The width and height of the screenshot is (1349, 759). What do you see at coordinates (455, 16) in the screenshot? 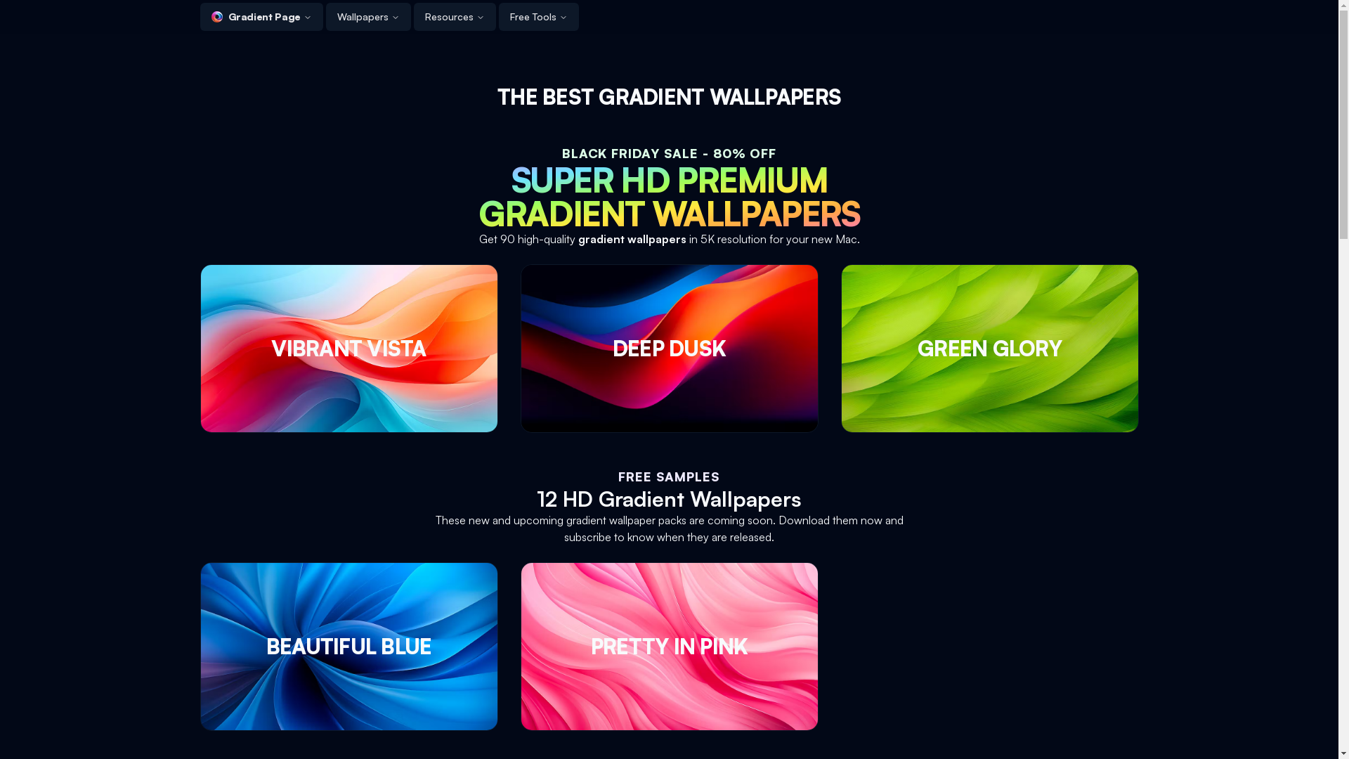
I see `'Resources'` at bounding box center [455, 16].